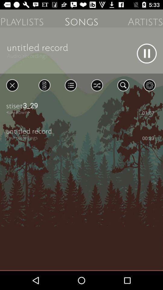 The width and height of the screenshot is (163, 290). What do you see at coordinates (70, 85) in the screenshot?
I see `see list` at bounding box center [70, 85].